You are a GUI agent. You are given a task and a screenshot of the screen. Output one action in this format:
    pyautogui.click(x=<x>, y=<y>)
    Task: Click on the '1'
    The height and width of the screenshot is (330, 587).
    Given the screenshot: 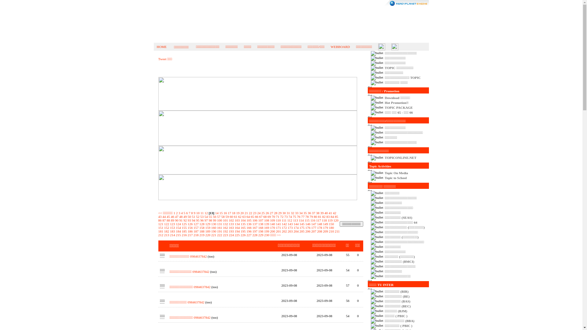 What is the action you would take?
    pyautogui.click(x=174, y=213)
    